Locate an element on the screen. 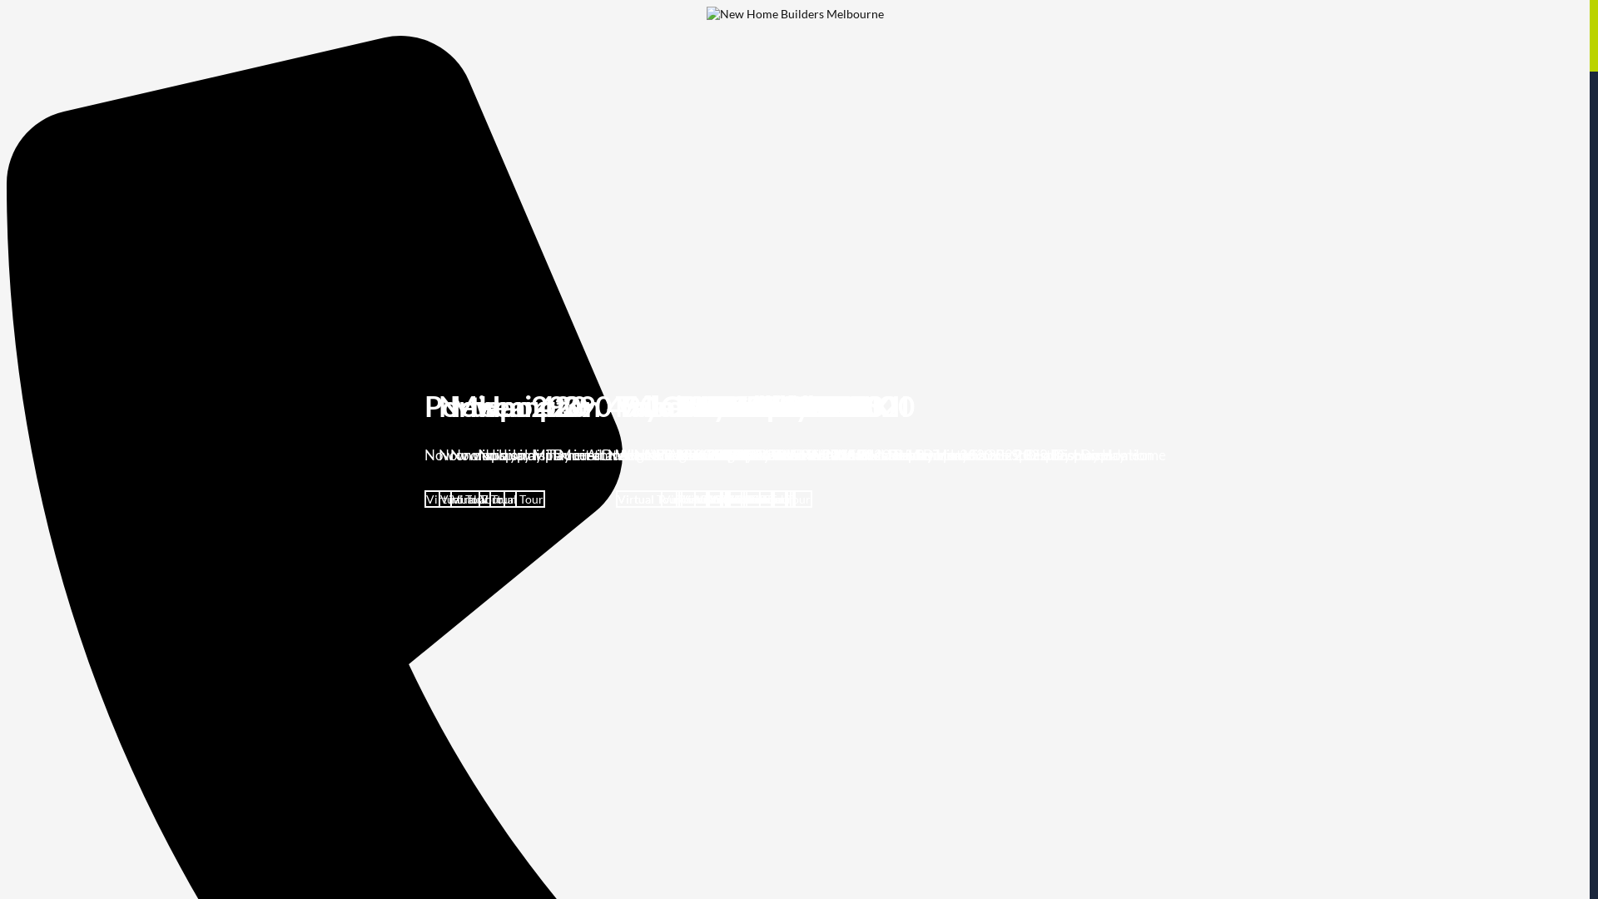  'Virtual Tour' is located at coordinates (470, 498).